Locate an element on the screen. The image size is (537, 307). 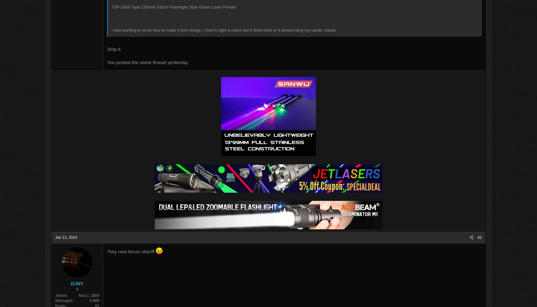
'Nov 2, 2009' is located at coordinates (112, 296).